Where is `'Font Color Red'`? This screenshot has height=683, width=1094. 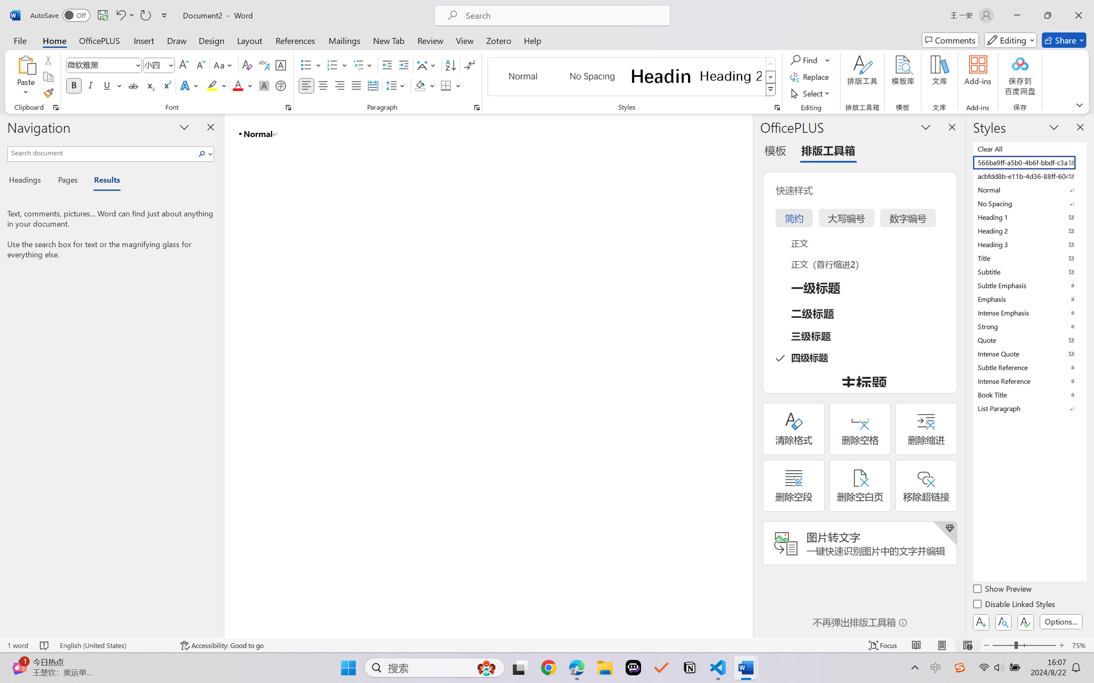
'Font Color Red' is located at coordinates (238, 85).